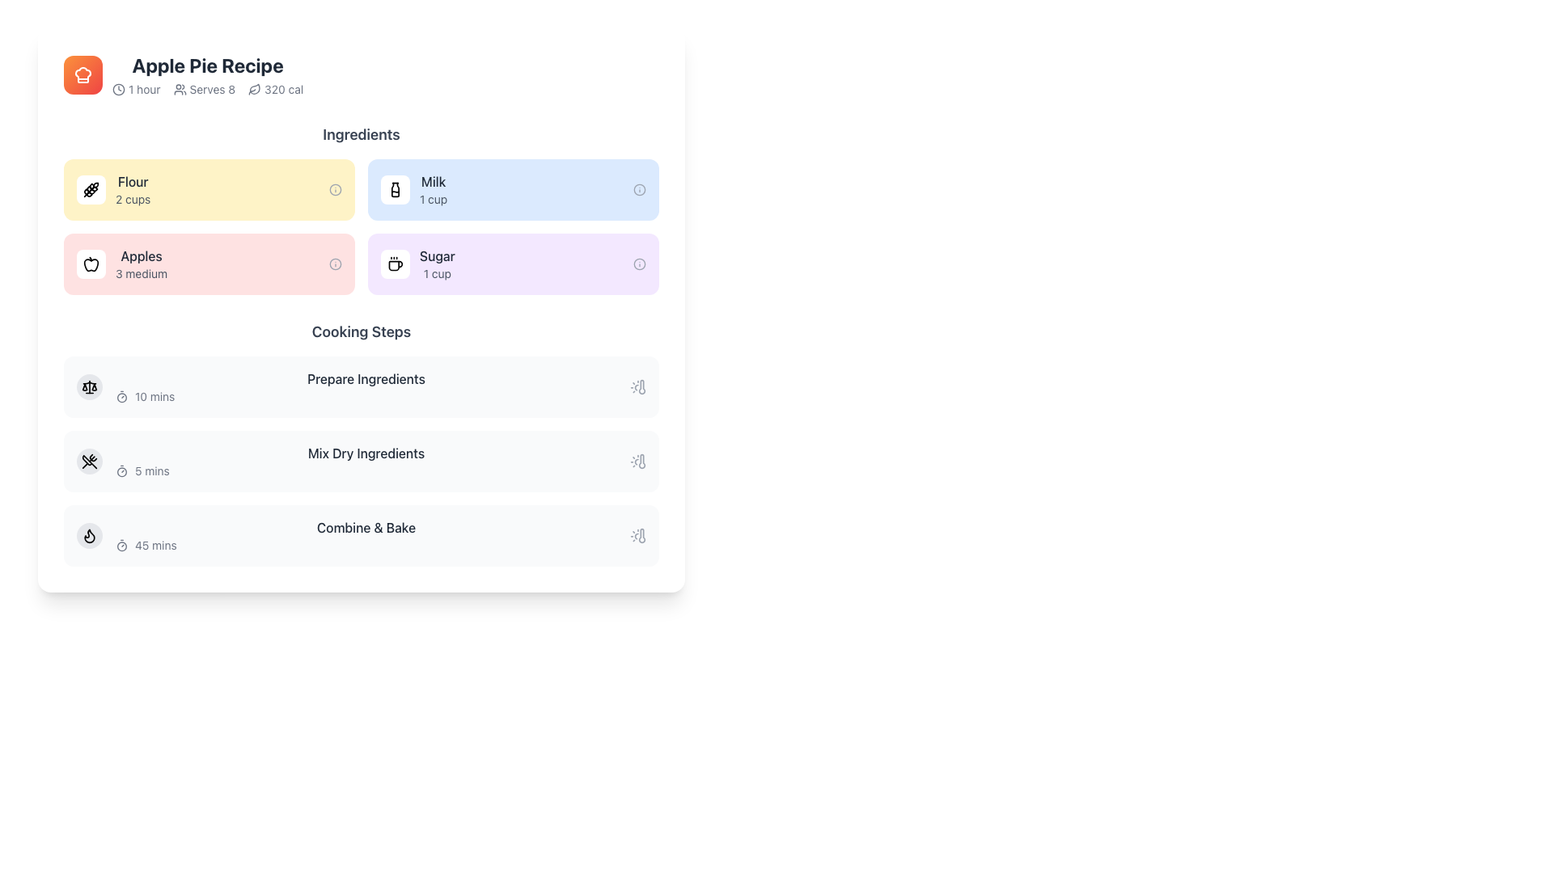 The width and height of the screenshot is (1553, 873). I want to click on the circular component of the SVG icon located at the far left of the '10 mins' label under the 'Prepare Ingredients' step in the 'Cooking Steps' section, so click(121, 398).